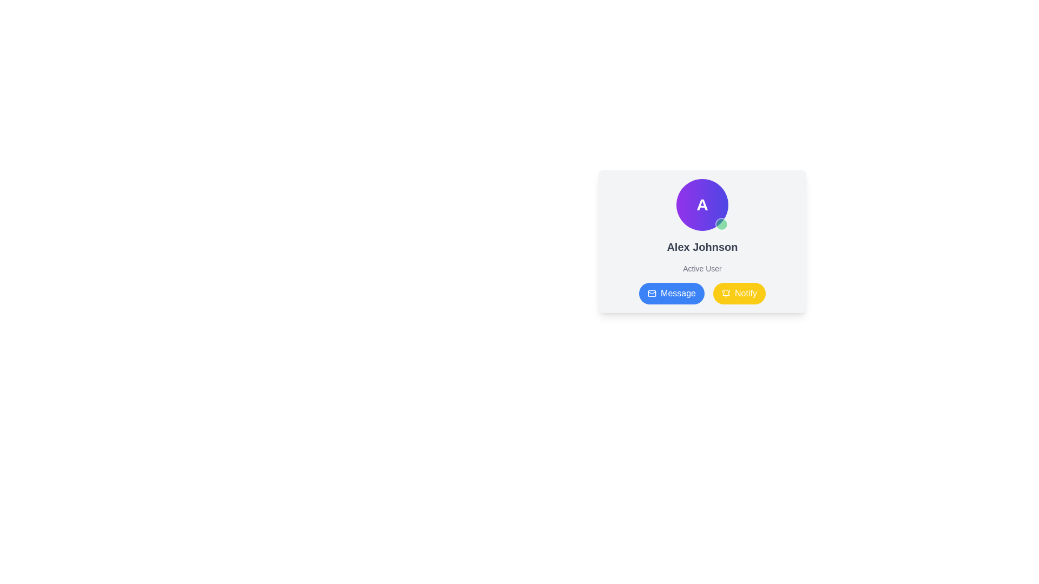  I want to click on the circular profile indicator icon featuring a bold letter 'A' and a green status indicator, located at the top-right section of the profile card interface, so click(702, 204).